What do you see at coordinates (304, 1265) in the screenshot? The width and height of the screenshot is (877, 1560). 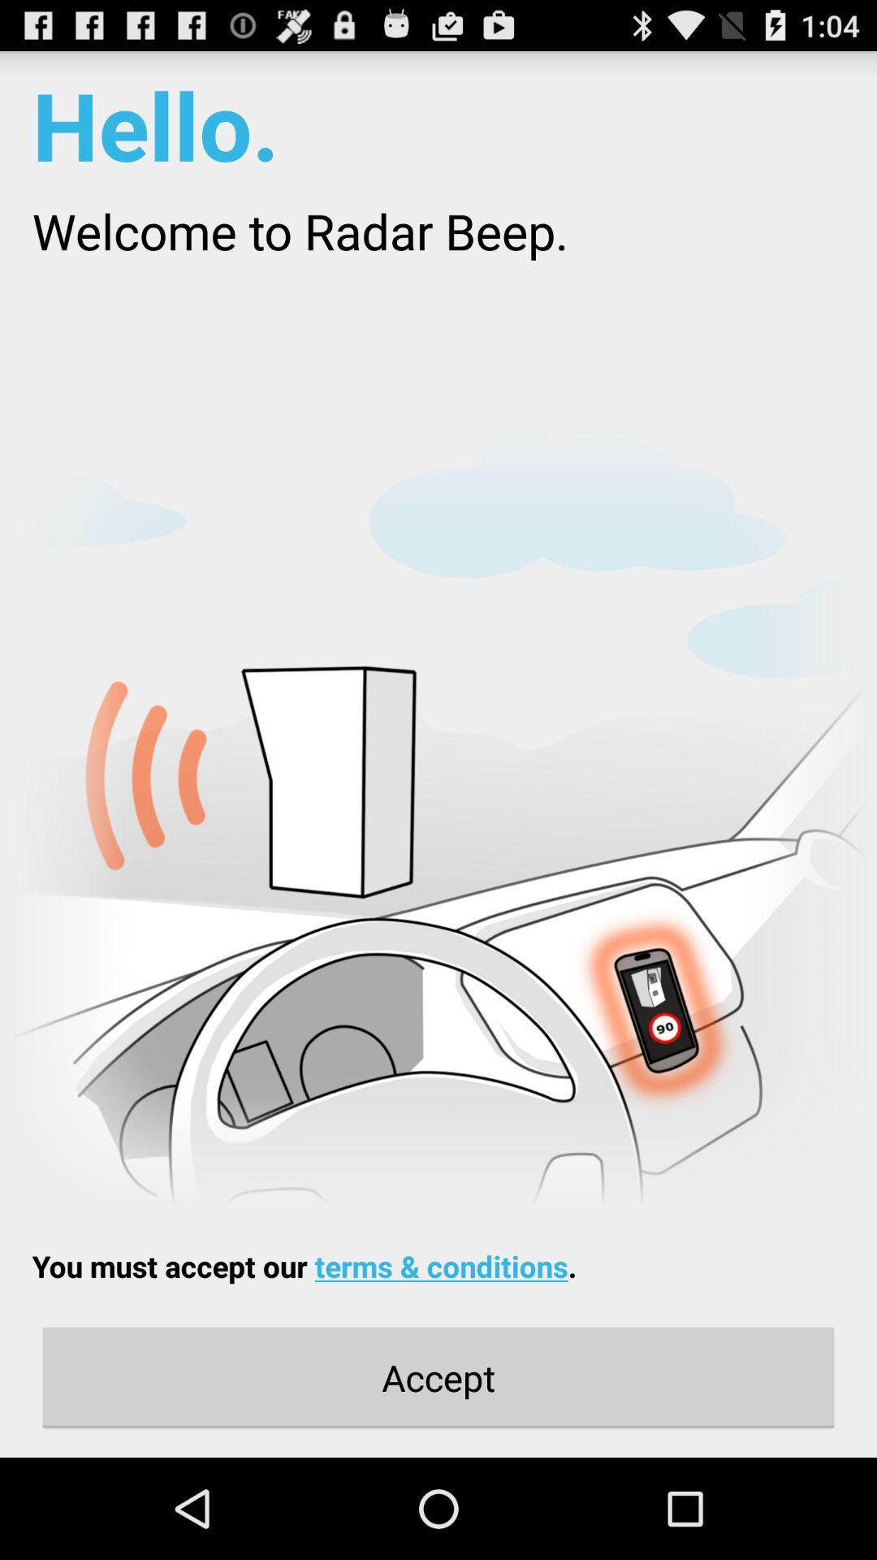 I see `button above accept icon` at bounding box center [304, 1265].